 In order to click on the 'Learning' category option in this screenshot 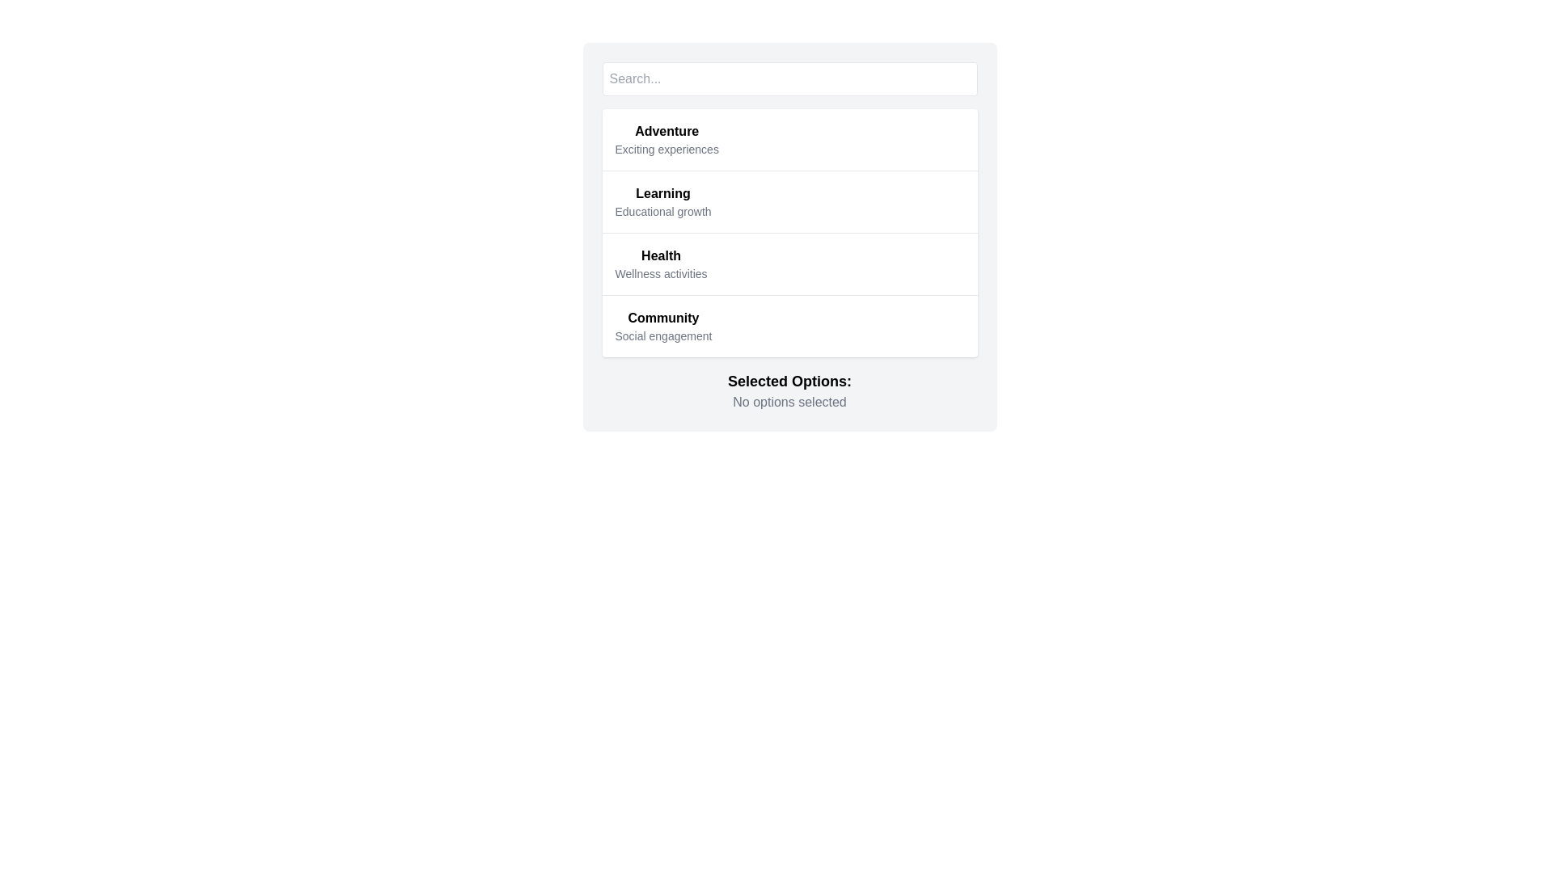, I will do `click(663, 201)`.